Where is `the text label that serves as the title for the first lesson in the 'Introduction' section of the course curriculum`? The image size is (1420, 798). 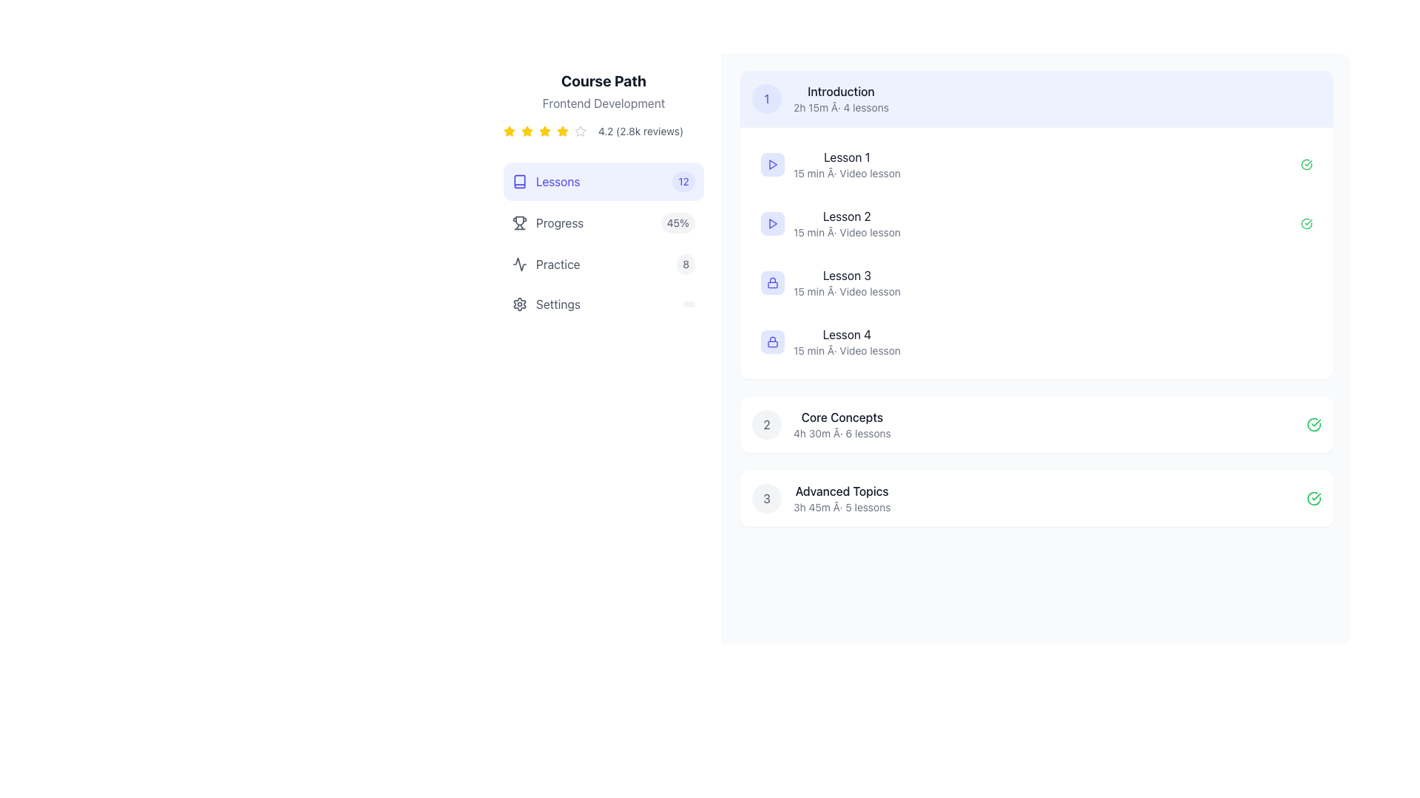 the text label that serves as the title for the first lesson in the 'Introduction' section of the course curriculum is located at coordinates (847, 157).